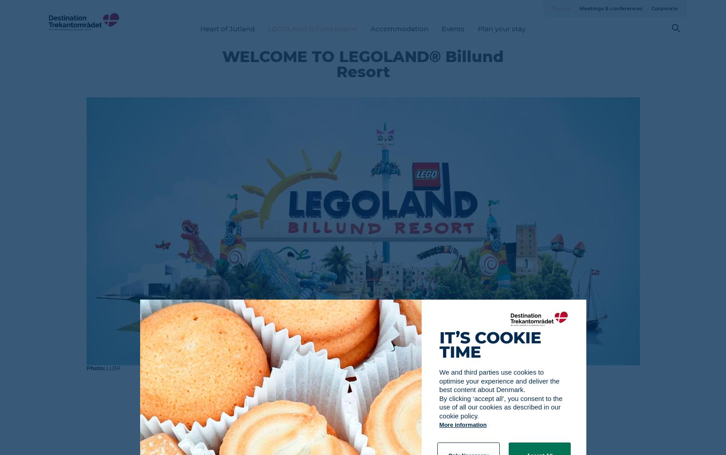  I want to click on 'WELCOME TO LEGOLAND® Billund Resort', so click(222, 64).